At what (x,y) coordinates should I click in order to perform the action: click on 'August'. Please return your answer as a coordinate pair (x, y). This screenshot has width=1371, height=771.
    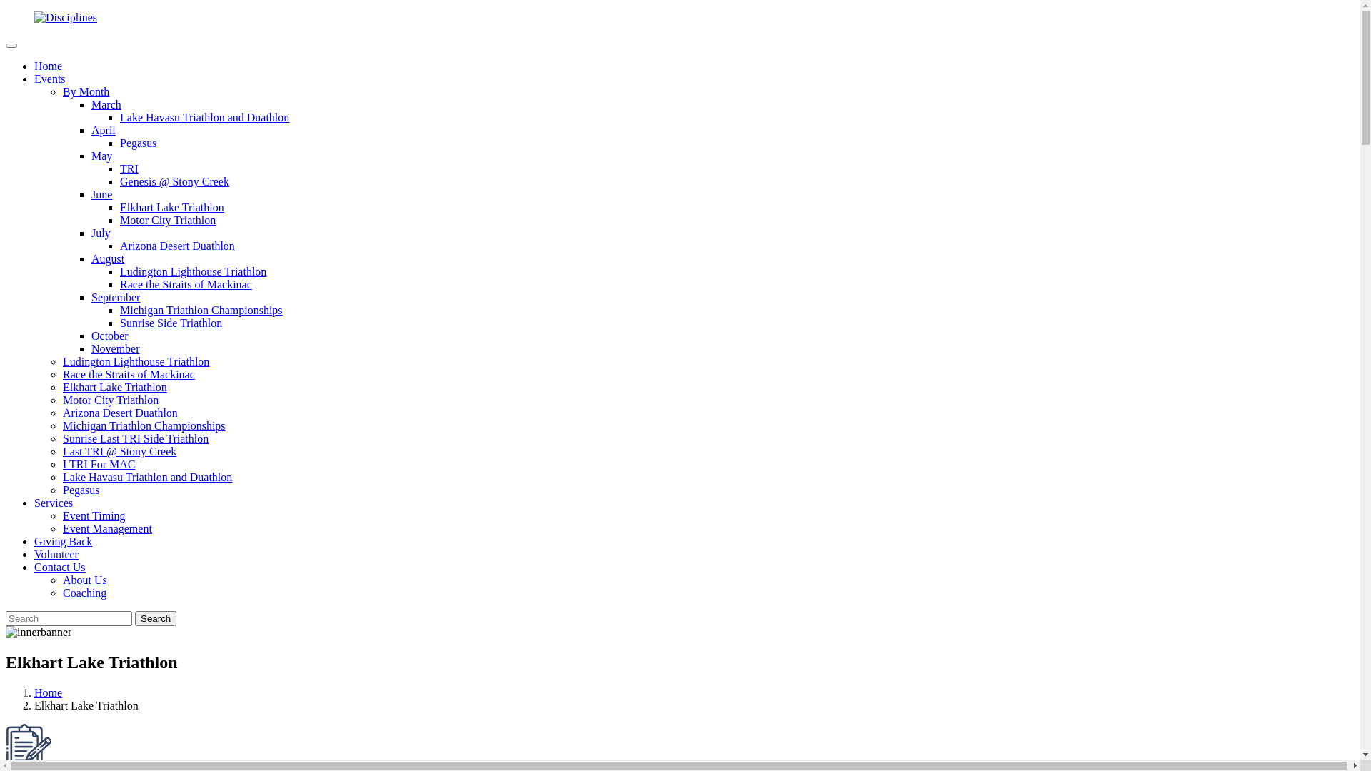
    Looking at the image, I should click on (106, 258).